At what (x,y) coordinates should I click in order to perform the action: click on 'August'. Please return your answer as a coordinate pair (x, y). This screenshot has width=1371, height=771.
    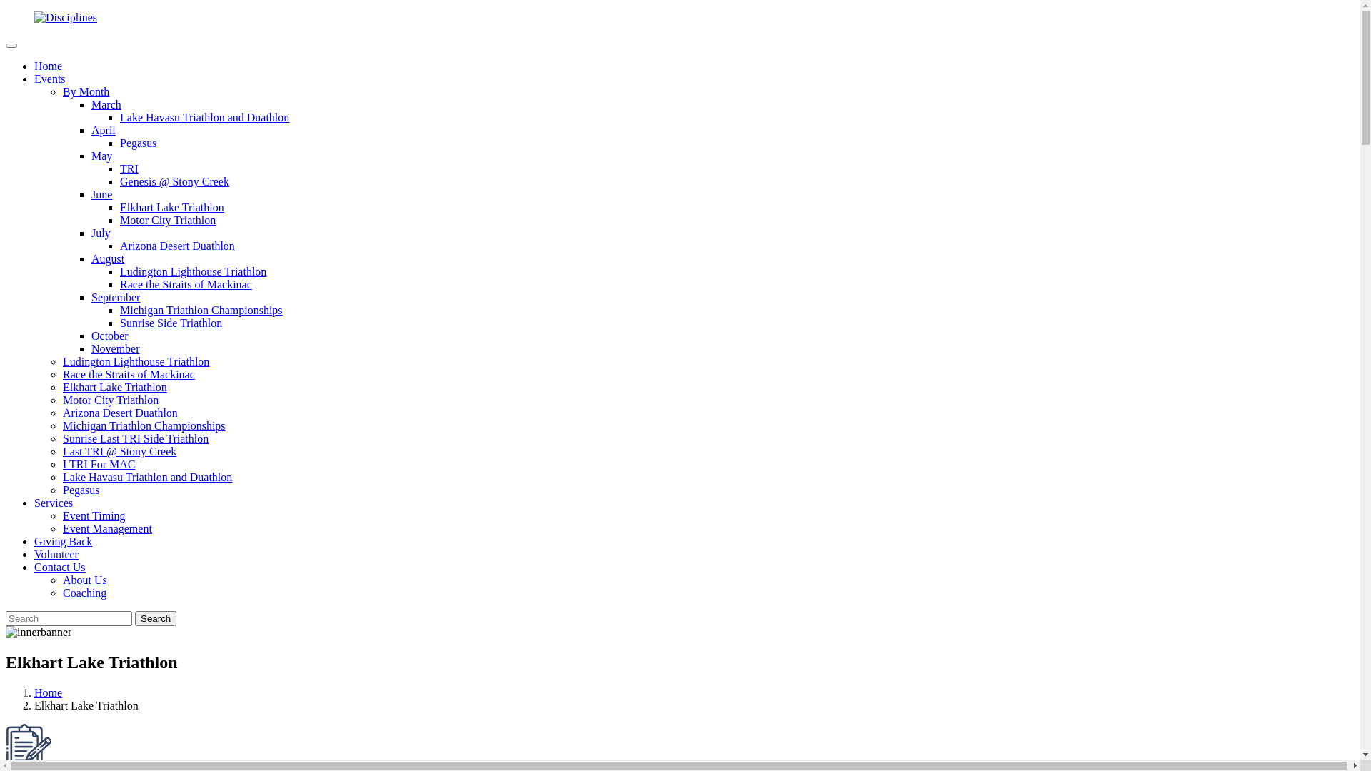
    Looking at the image, I should click on (106, 258).